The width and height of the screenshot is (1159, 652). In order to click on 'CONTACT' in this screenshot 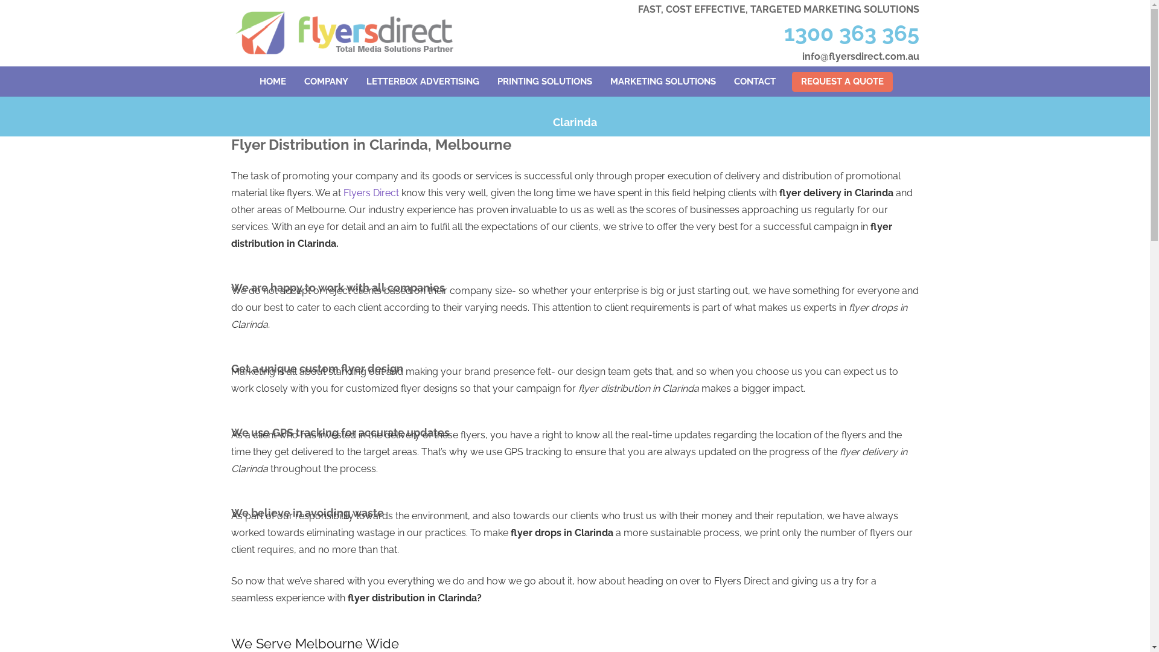, I will do `click(724, 81)`.